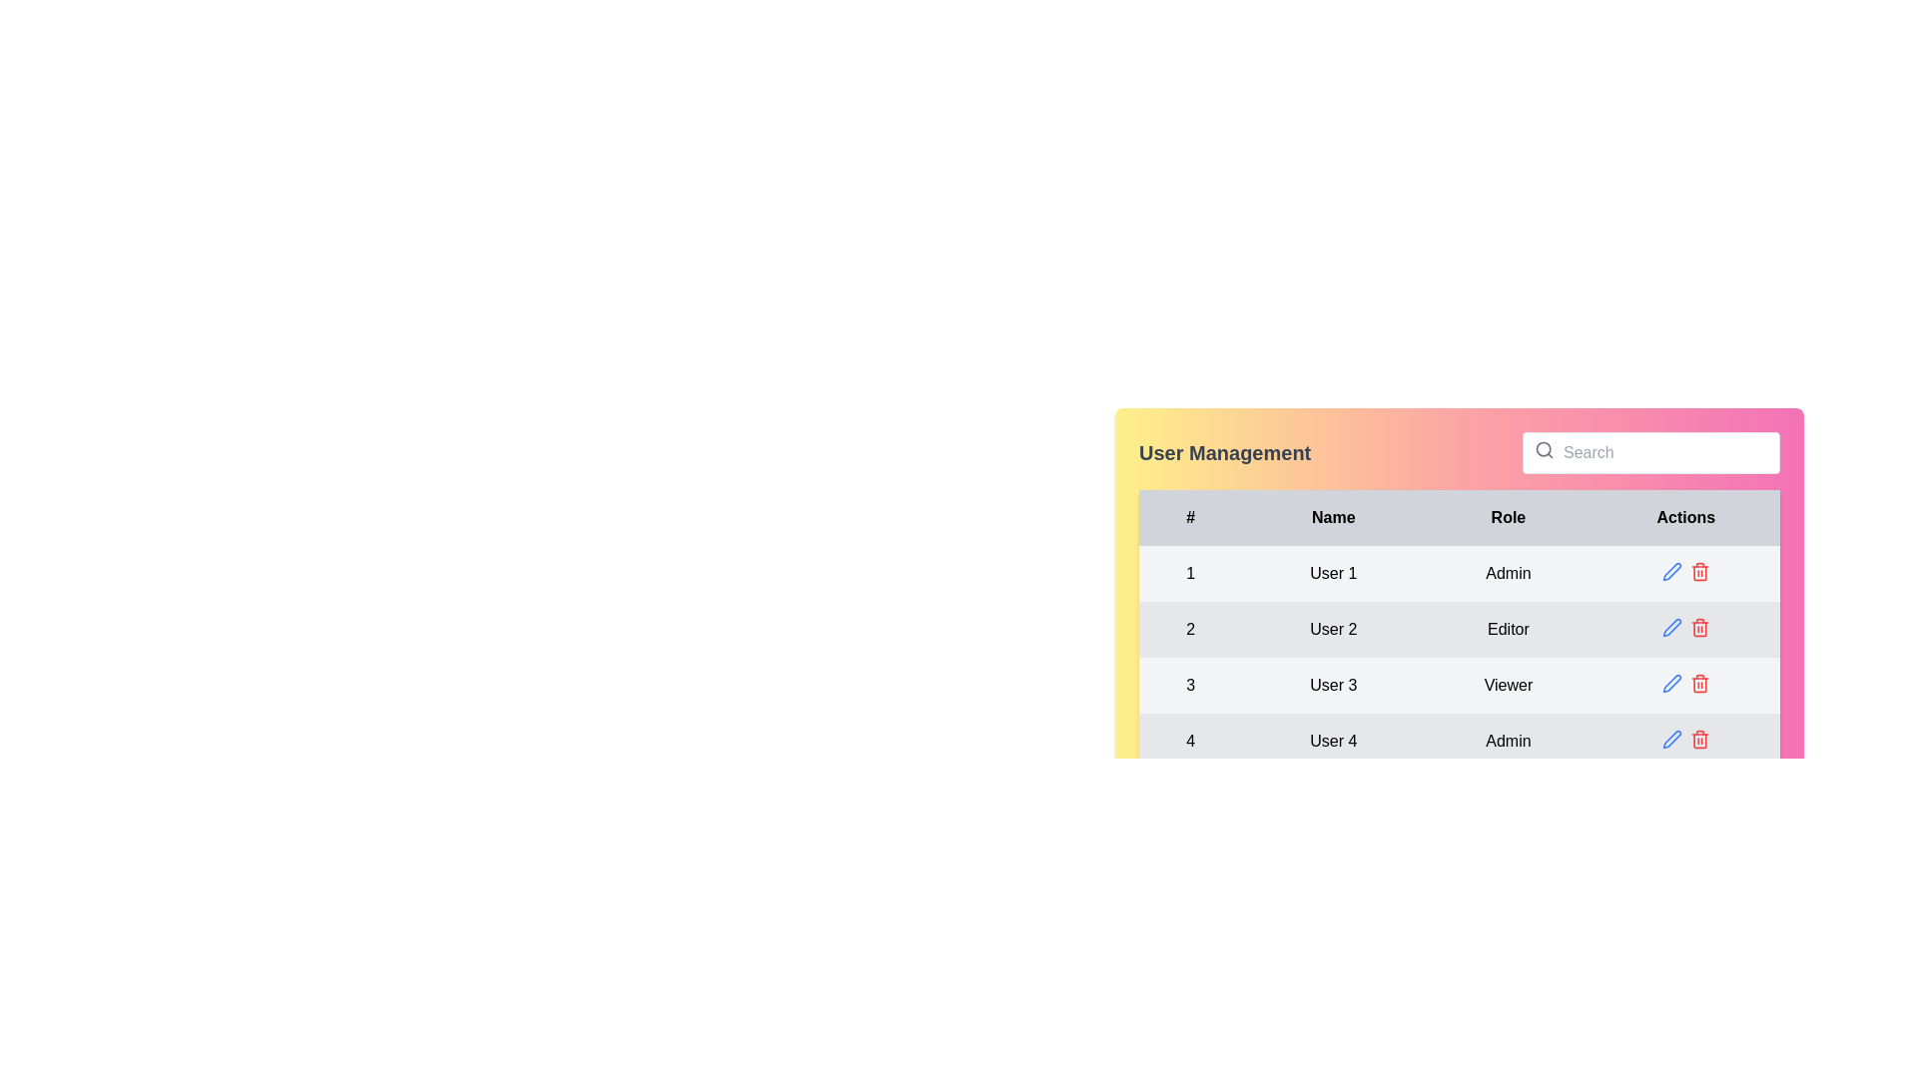  I want to click on the icon button to initiate editing actions for 'User 4' in the last row of the table, so click(1671, 739).